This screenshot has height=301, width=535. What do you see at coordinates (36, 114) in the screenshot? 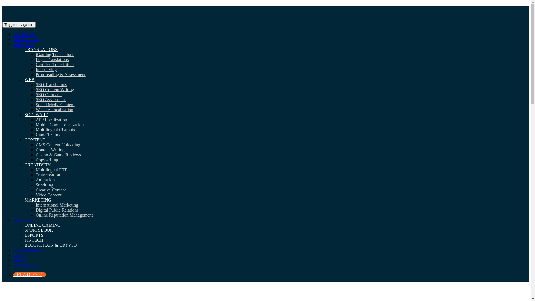
I see `'SOFTWARE'` at bounding box center [36, 114].